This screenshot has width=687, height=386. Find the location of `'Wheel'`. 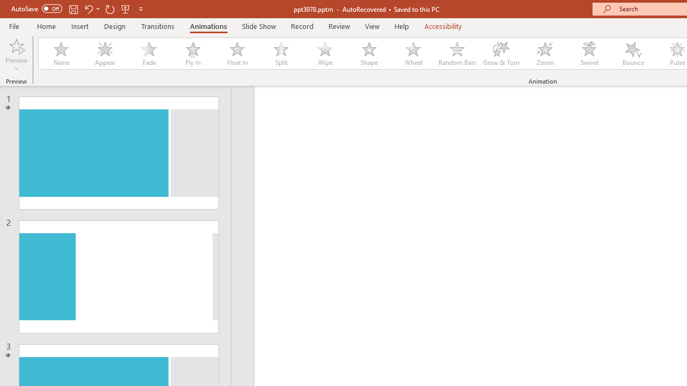

'Wheel' is located at coordinates (413, 54).